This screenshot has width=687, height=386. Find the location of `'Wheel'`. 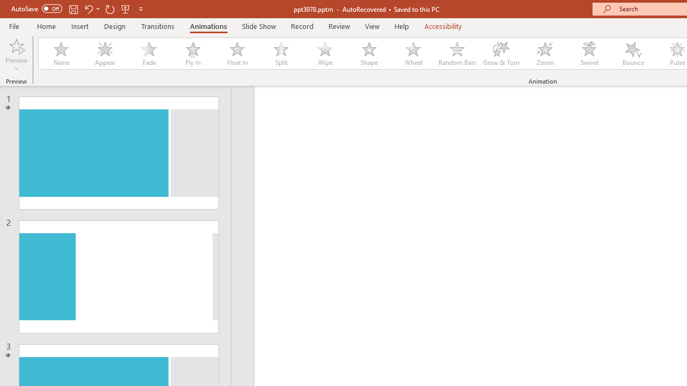

'Wheel' is located at coordinates (413, 54).